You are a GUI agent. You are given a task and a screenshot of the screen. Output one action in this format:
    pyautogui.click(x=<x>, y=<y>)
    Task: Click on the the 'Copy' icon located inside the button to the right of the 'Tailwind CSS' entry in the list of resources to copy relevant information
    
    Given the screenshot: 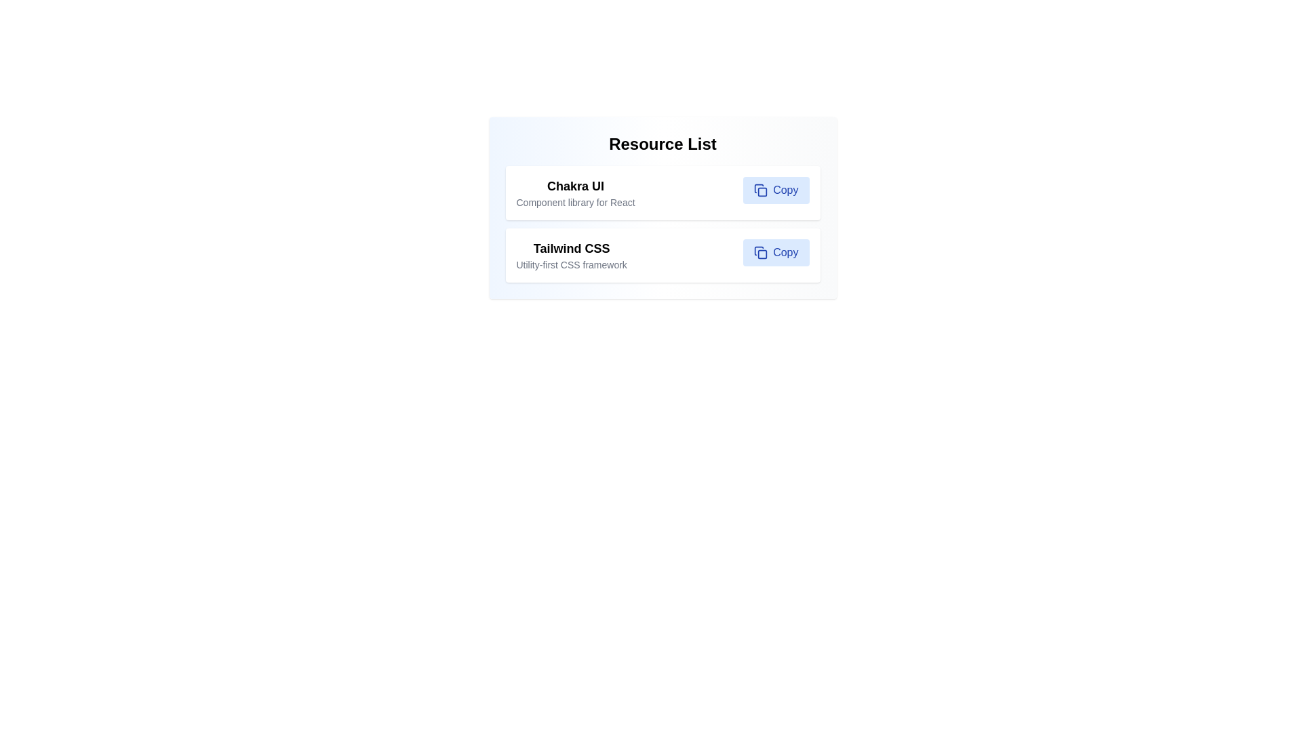 What is the action you would take?
    pyautogui.click(x=761, y=253)
    